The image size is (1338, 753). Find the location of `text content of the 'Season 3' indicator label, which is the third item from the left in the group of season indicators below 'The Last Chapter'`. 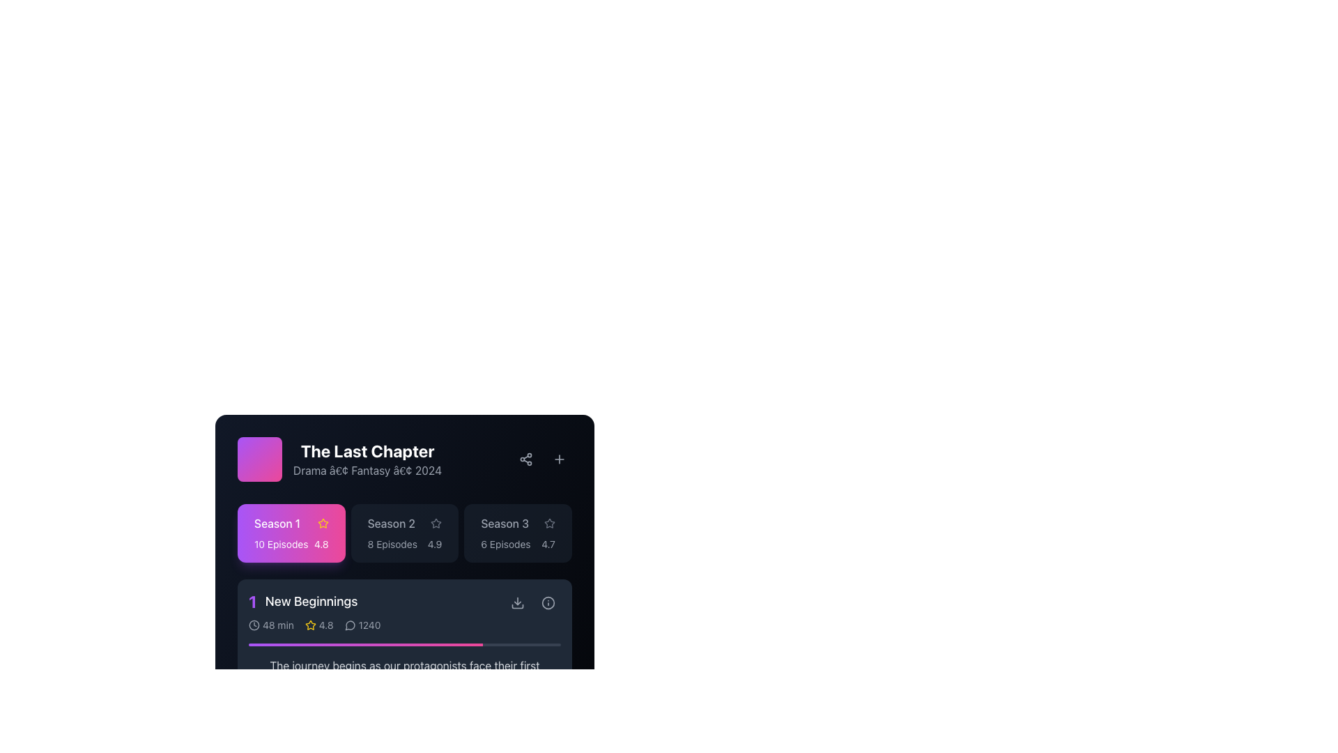

text content of the 'Season 3' indicator label, which is the third item from the left in the group of season indicators below 'The Last Chapter' is located at coordinates (504, 524).